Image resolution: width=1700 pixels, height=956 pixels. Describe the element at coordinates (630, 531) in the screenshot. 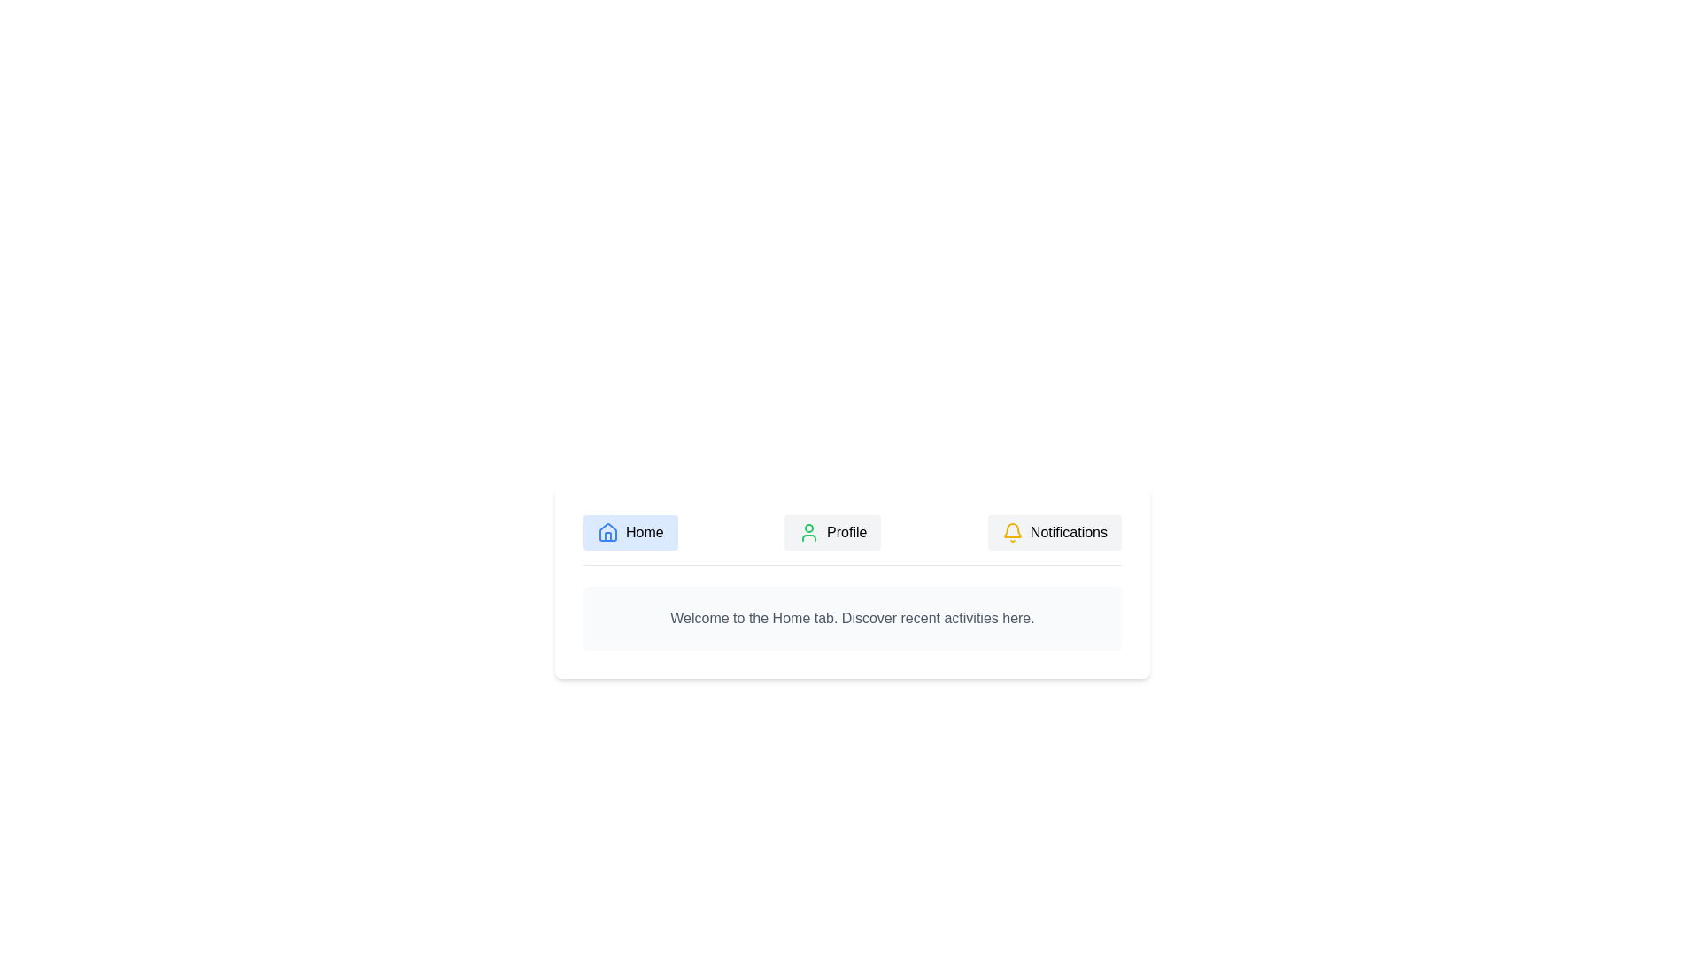

I see `the tab labeled Home to observe its hover effect` at that location.